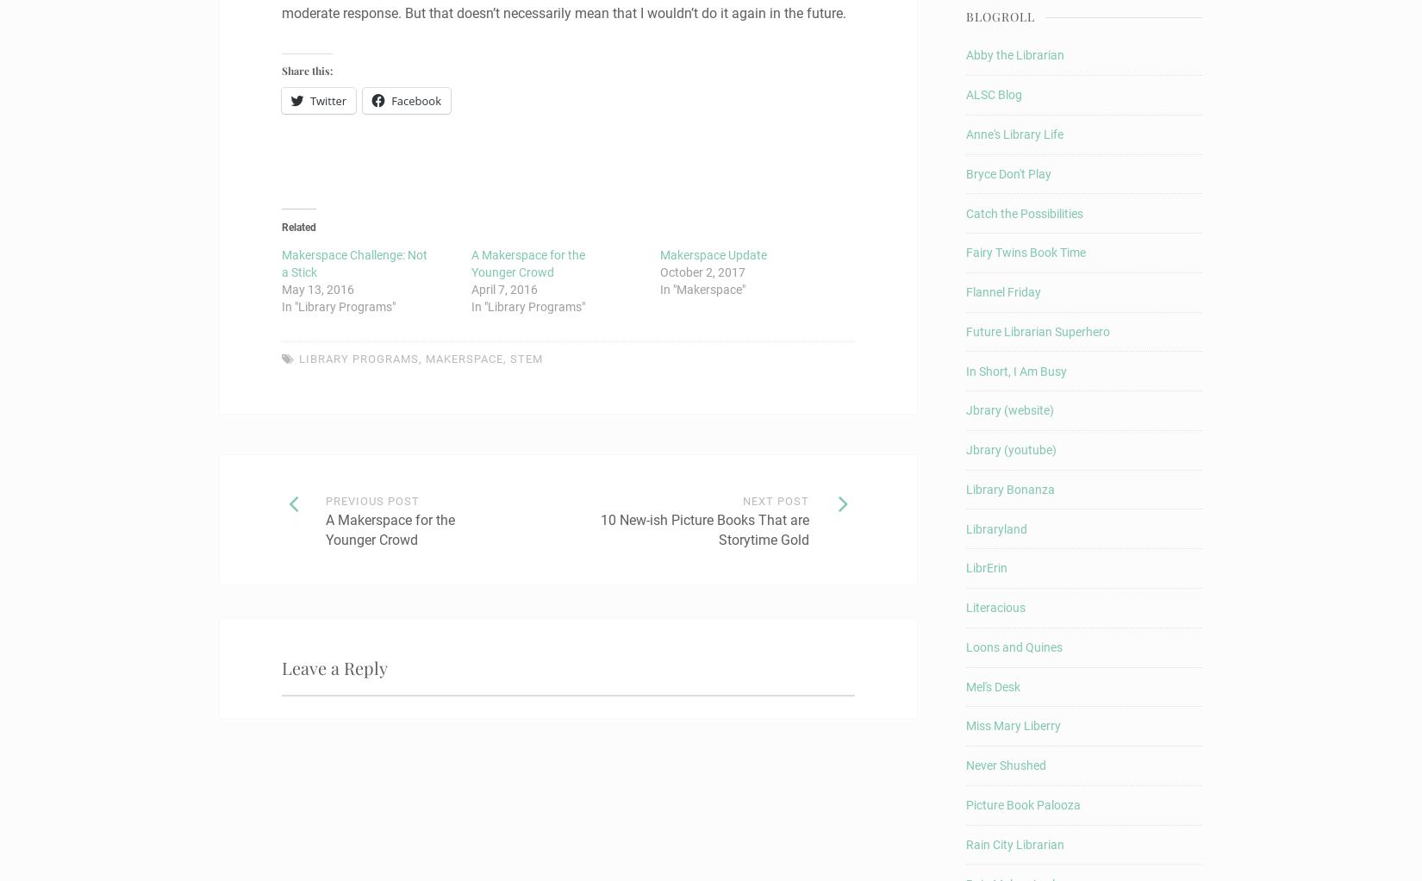 The width and height of the screenshot is (1422, 881). Describe the element at coordinates (966, 489) in the screenshot. I see `'Library Bonanza'` at that location.